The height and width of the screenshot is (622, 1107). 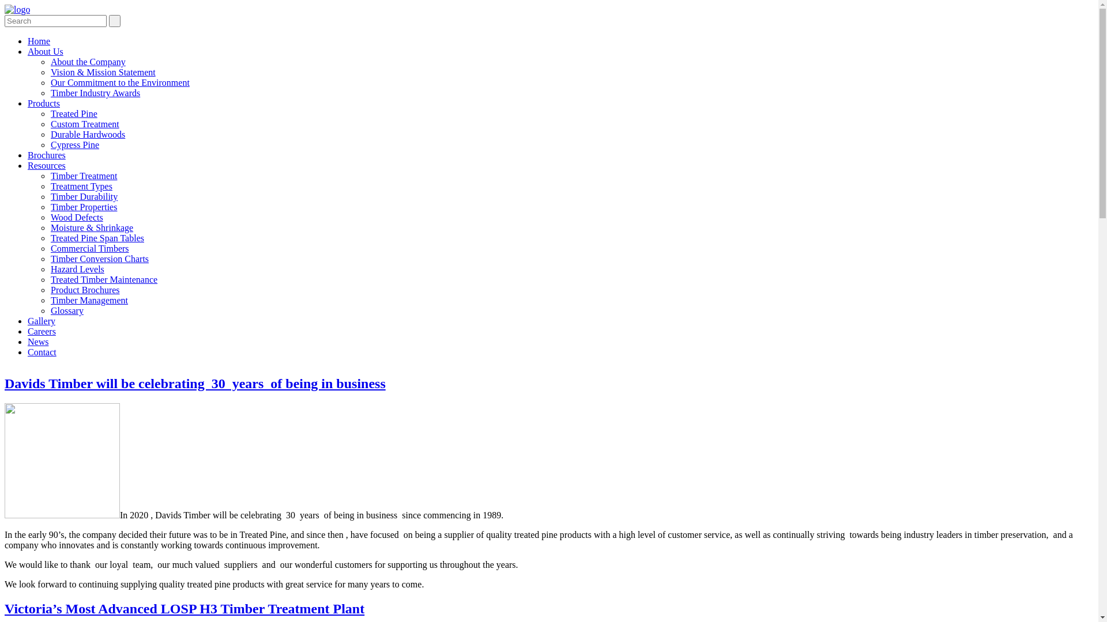 I want to click on 'Custom Treatment', so click(x=84, y=124).